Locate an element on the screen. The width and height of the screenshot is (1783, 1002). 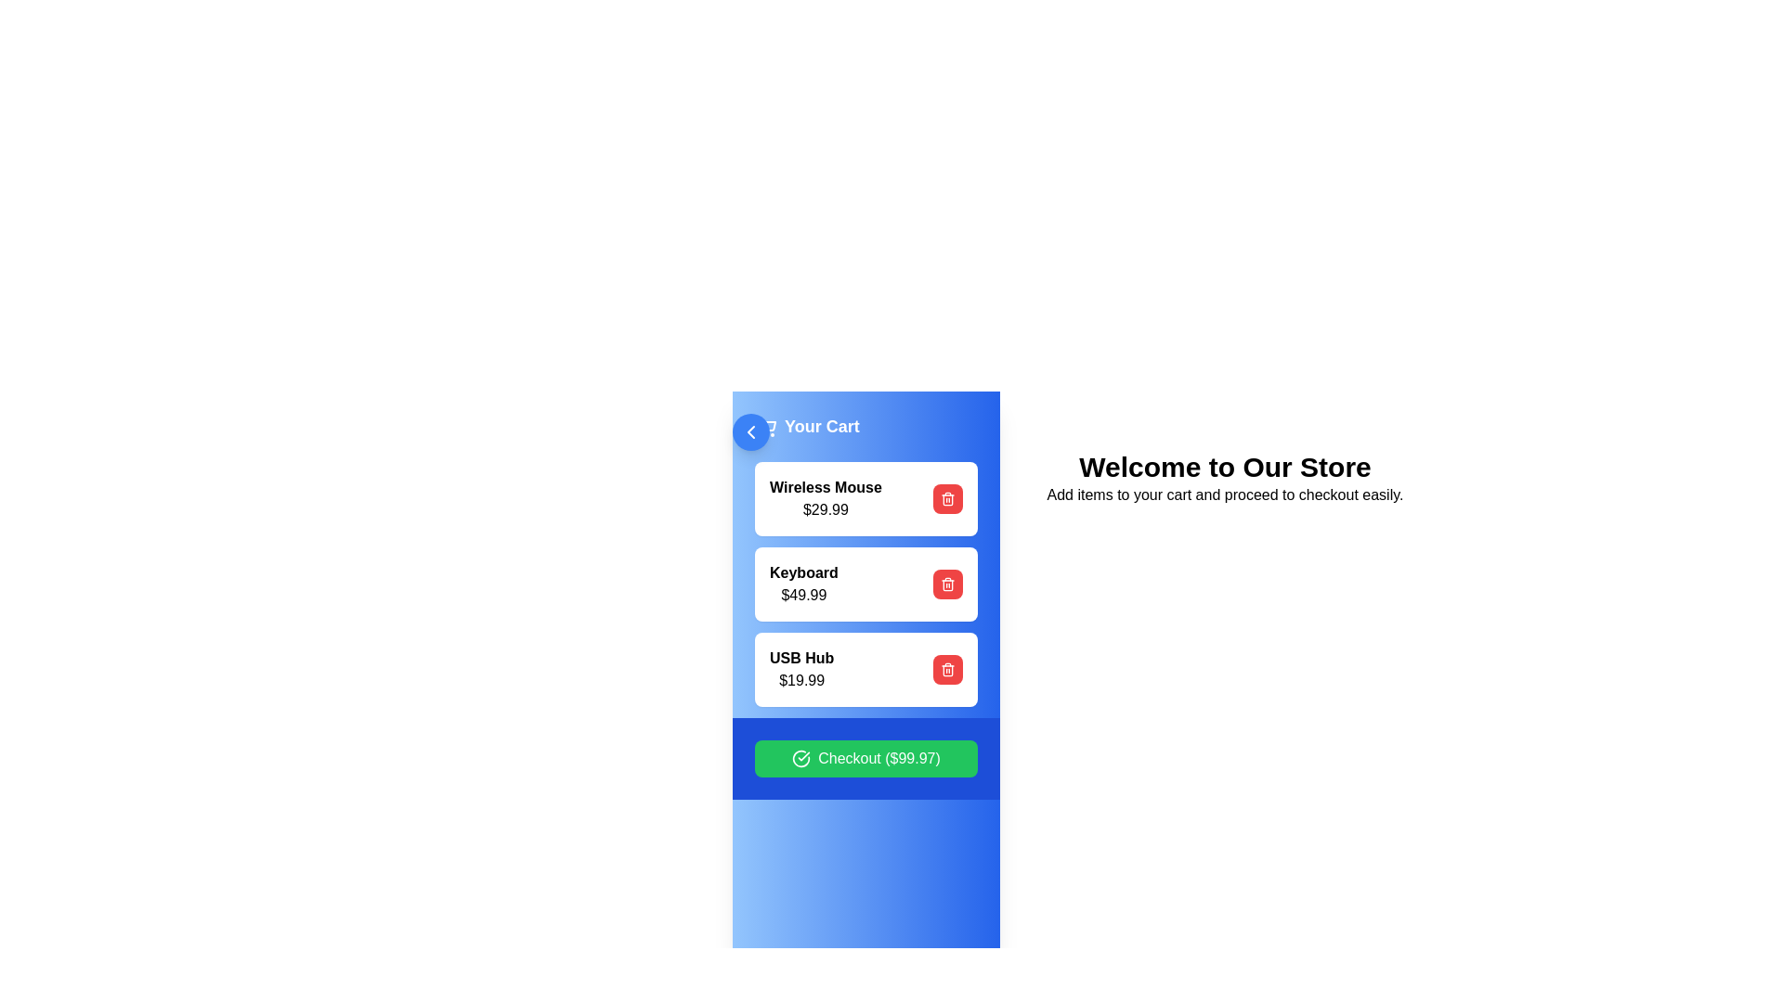
the instructional text element that provides guidance on adding items to the cart and proceeding to checkout, located below the 'Welcome to Our Store' text is located at coordinates (1225, 494).